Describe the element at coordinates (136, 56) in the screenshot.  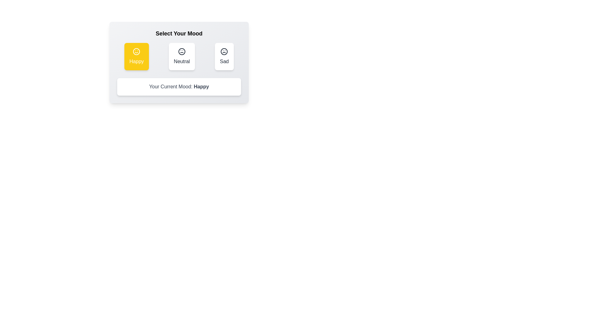
I see `the mood button labeled Happy to see its interactive visual effects` at that location.